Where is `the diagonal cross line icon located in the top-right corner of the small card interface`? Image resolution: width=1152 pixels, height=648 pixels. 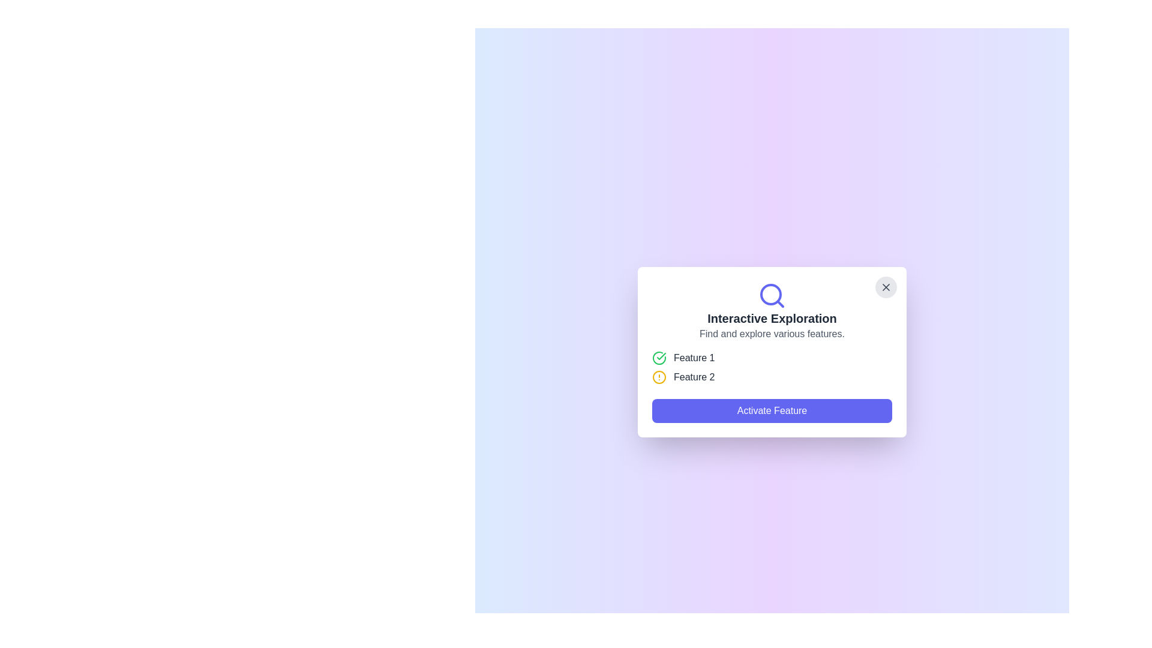
the diagonal cross line icon located in the top-right corner of the small card interface is located at coordinates (886, 287).